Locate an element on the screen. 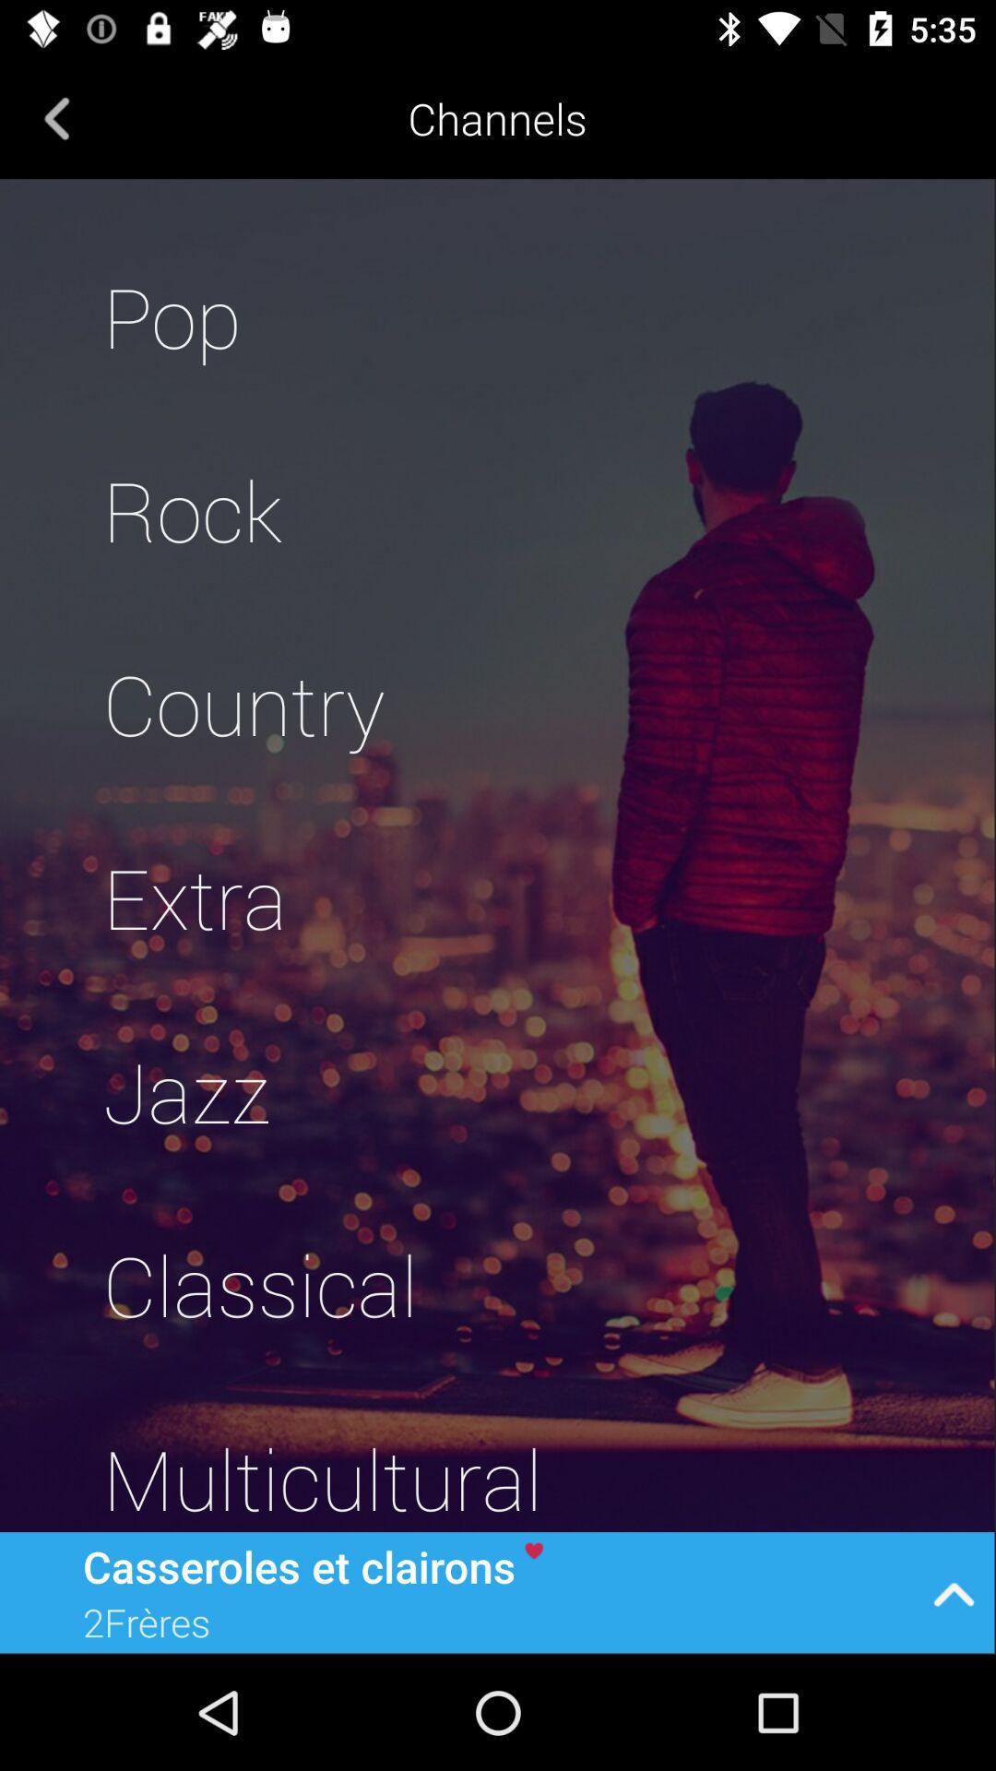 This screenshot has height=1771, width=996. the item next to channels icon is located at coordinates (56, 117).